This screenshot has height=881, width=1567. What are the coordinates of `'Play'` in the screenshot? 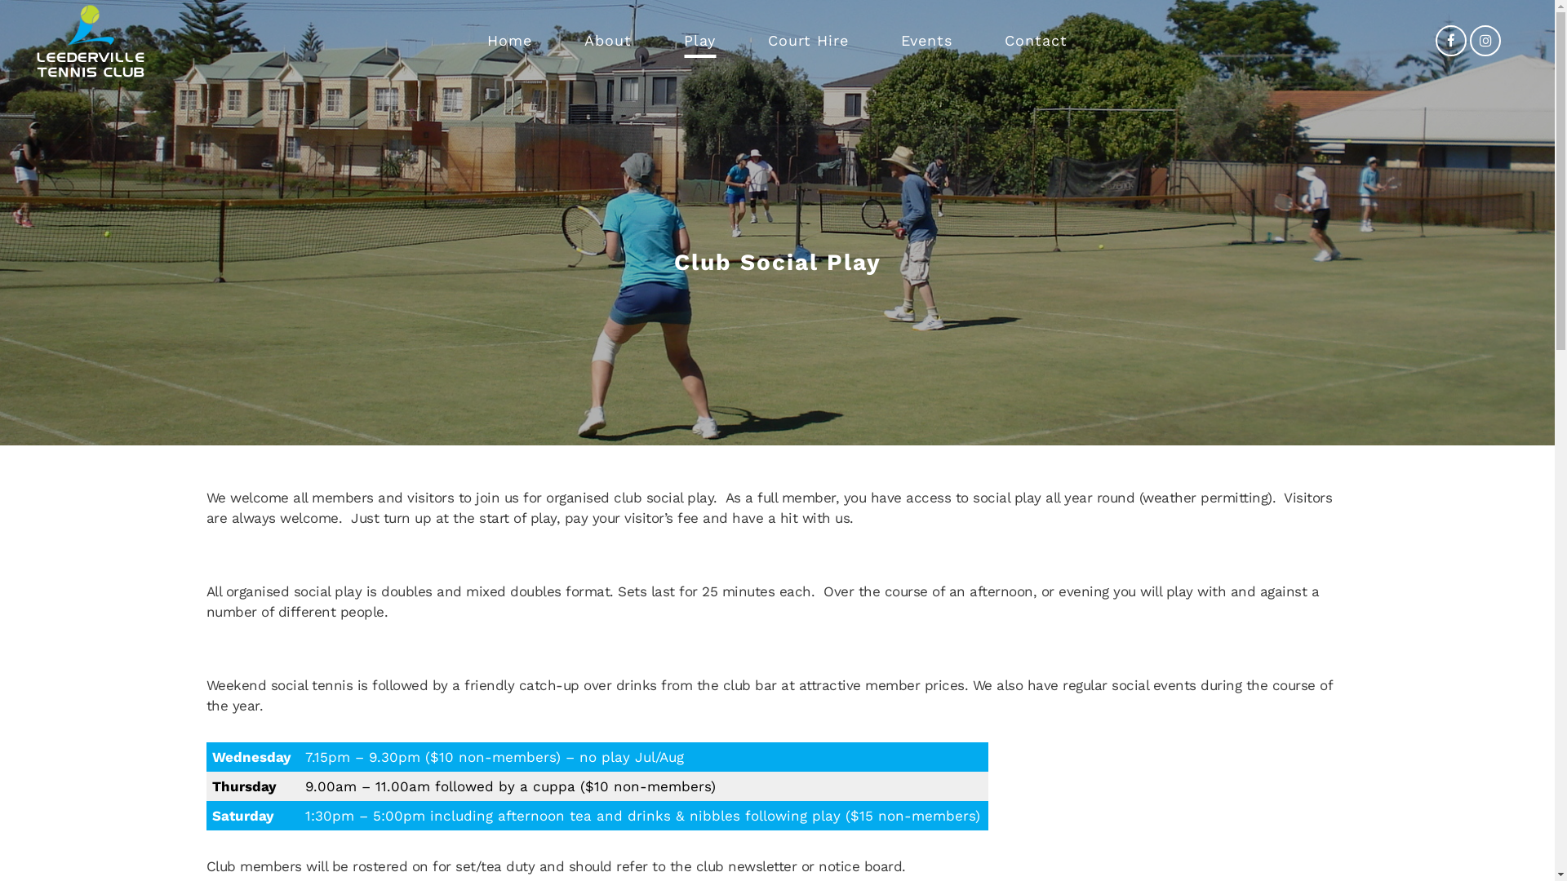 It's located at (699, 40).